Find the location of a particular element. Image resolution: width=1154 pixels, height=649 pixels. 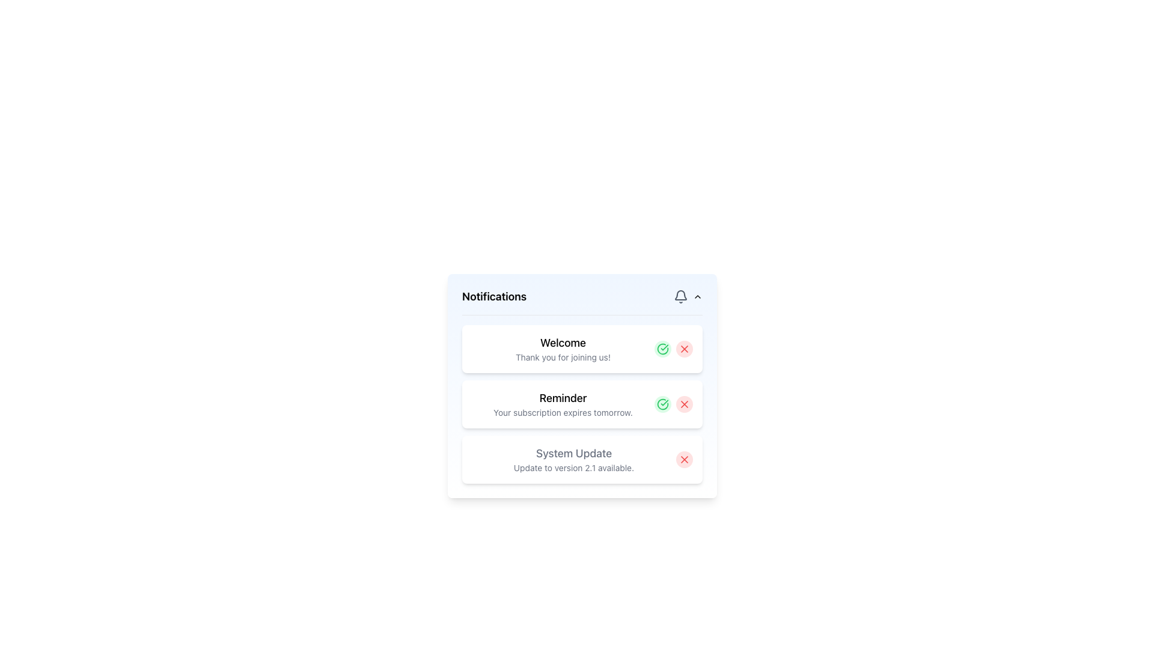

the static text element that serves as the title of the notification regarding the available system update is located at coordinates (573, 454).